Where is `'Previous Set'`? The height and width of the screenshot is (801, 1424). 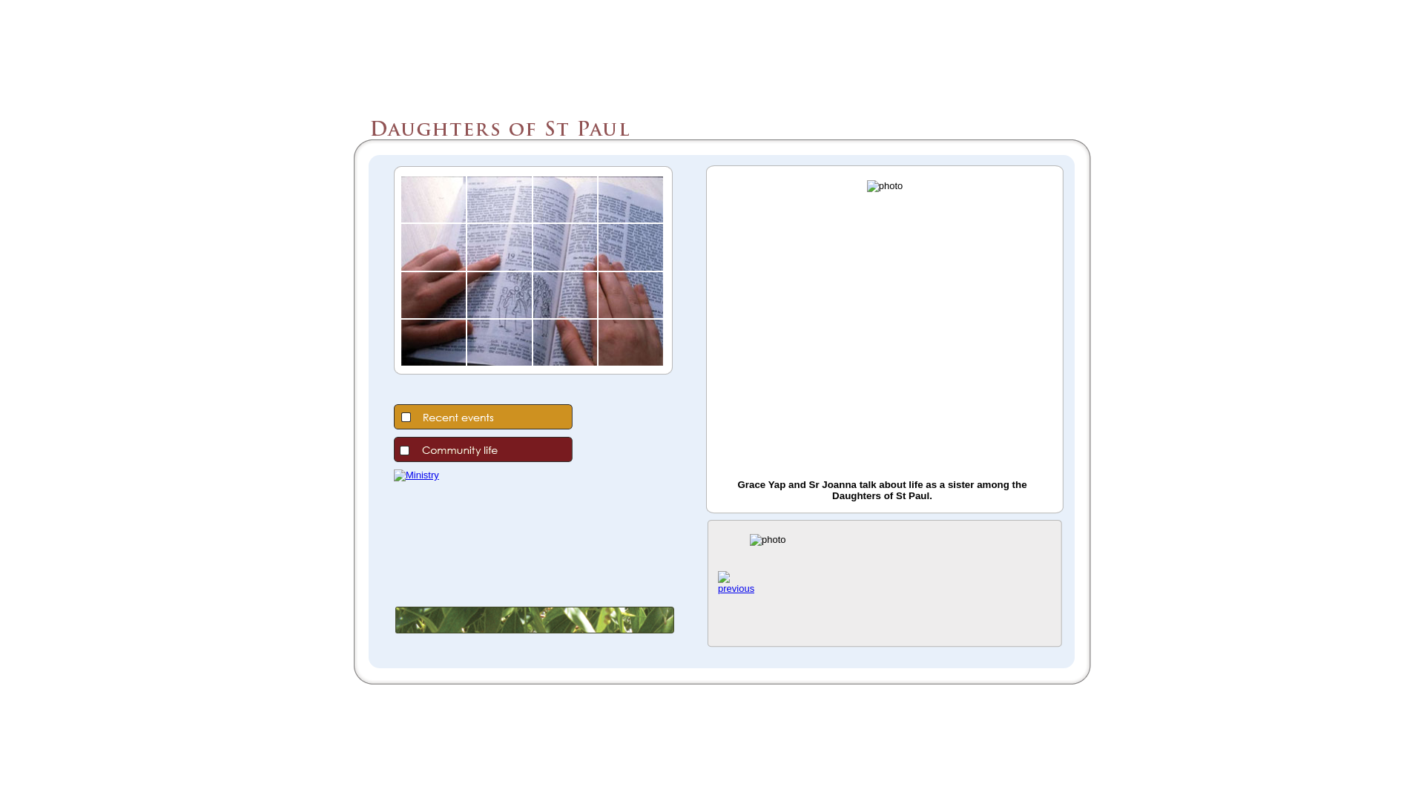
'Previous Set' is located at coordinates (718, 587).